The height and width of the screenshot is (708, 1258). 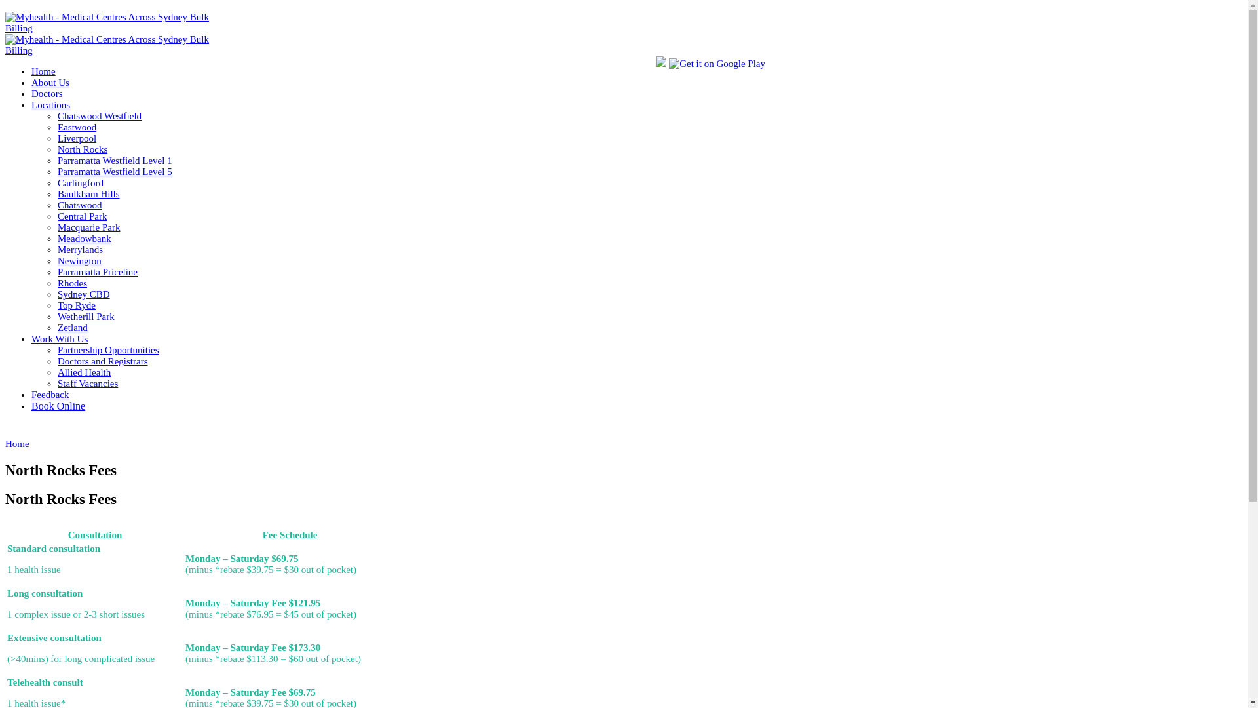 What do you see at coordinates (115, 171) in the screenshot?
I see `'Parramatta Westfield Level 5'` at bounding box center [115, 171].